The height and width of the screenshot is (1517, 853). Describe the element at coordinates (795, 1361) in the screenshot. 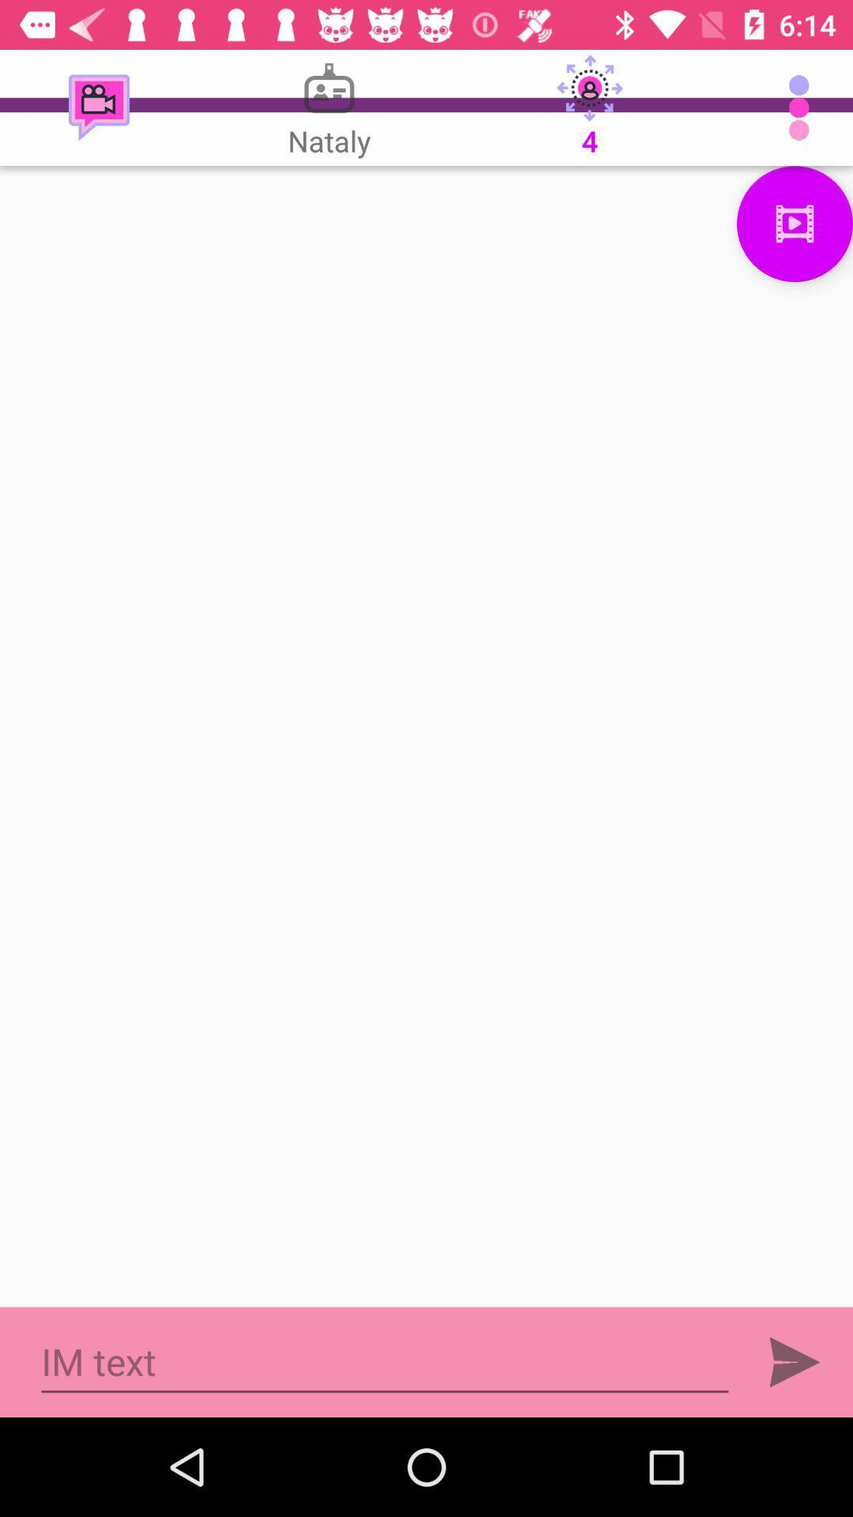

I see `sent button` at that location.